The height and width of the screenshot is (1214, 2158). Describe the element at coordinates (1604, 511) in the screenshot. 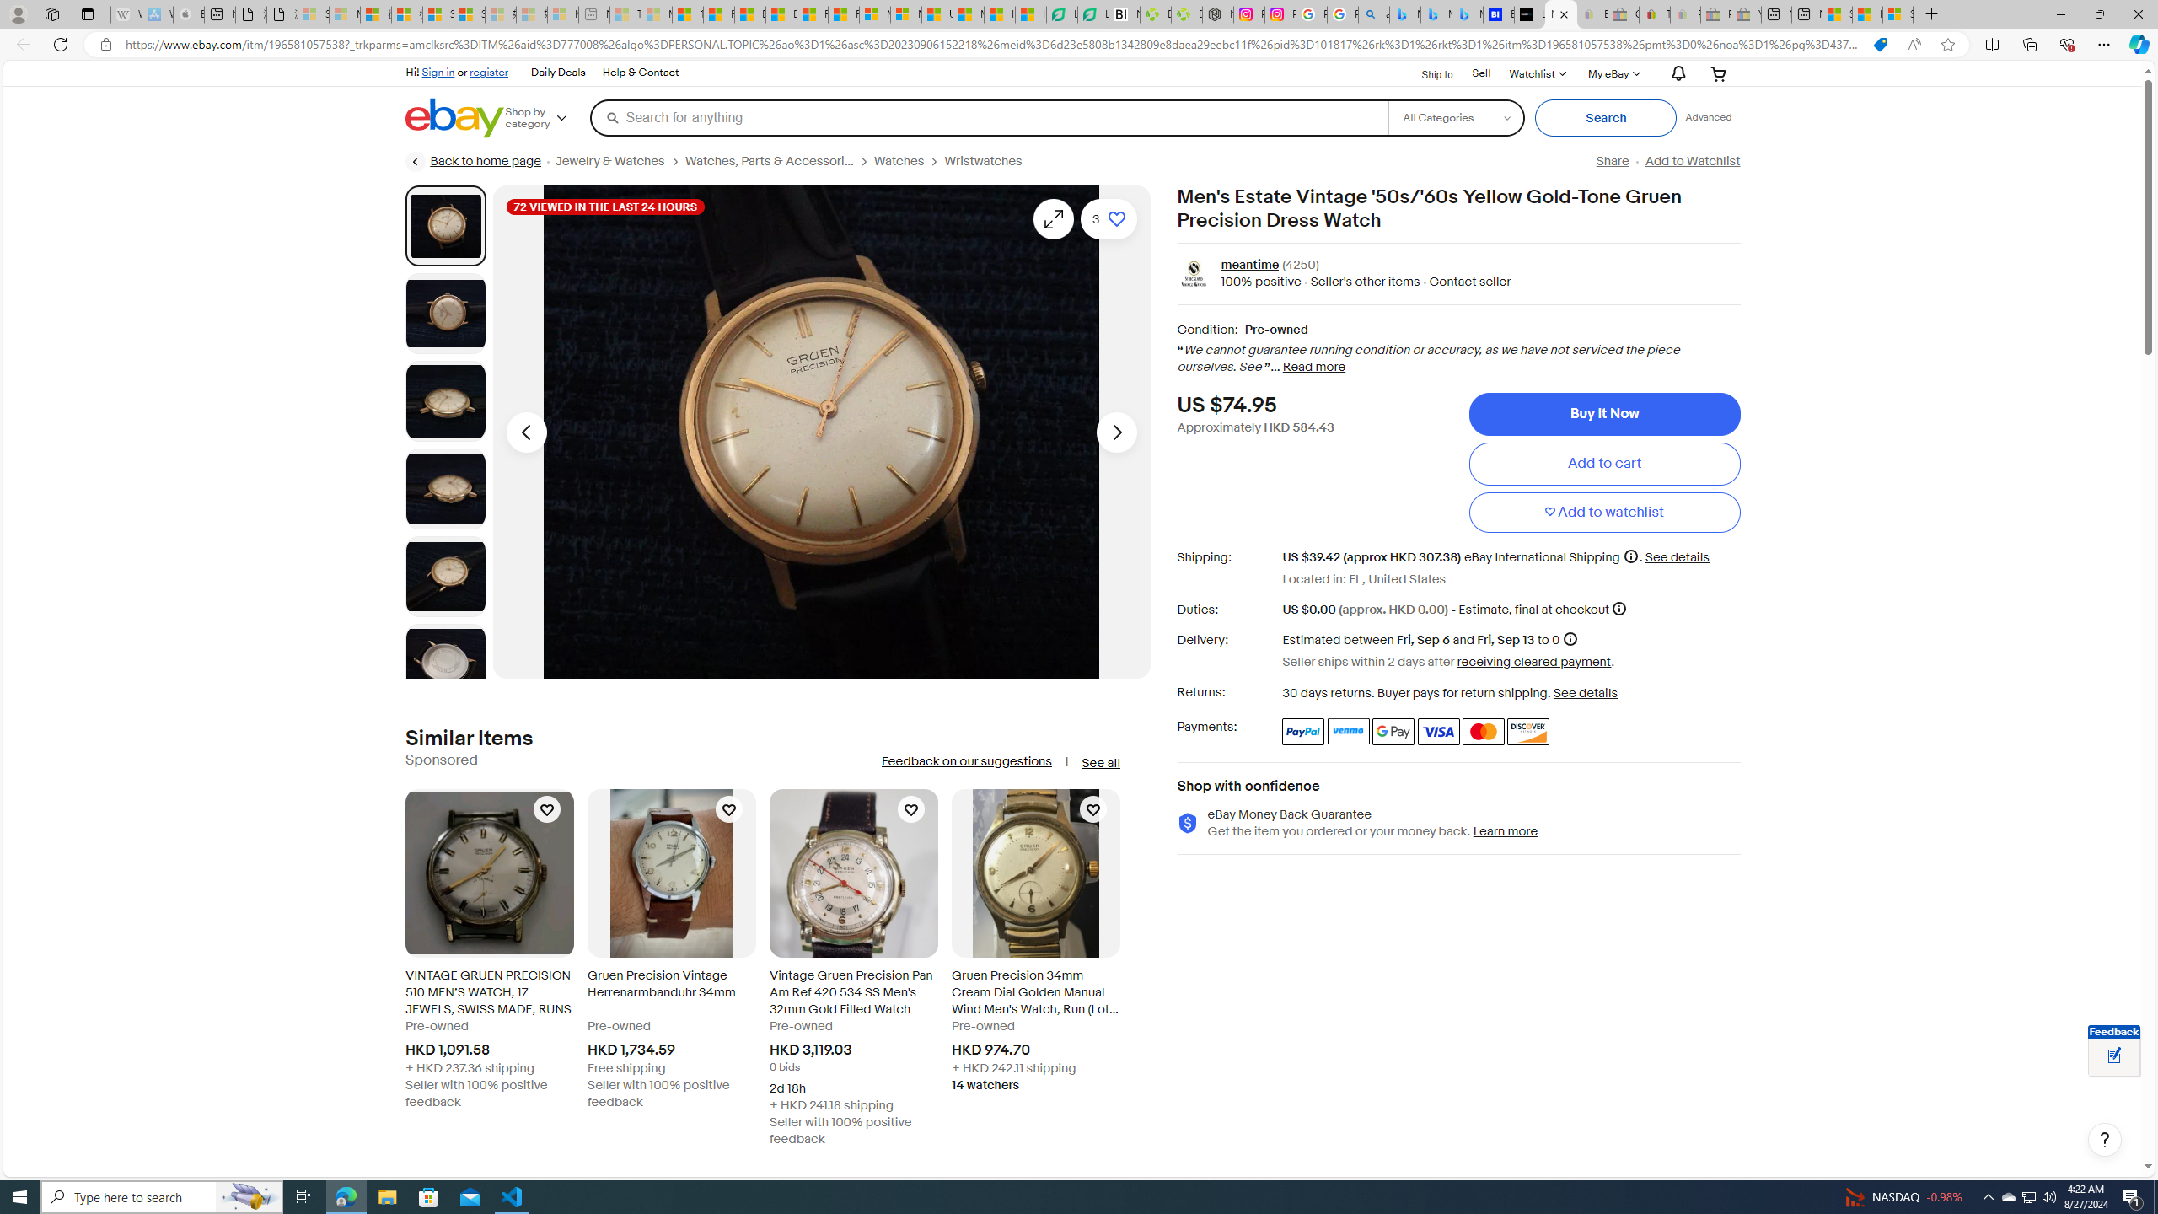

I see `'Add to watchlist'` at that location.